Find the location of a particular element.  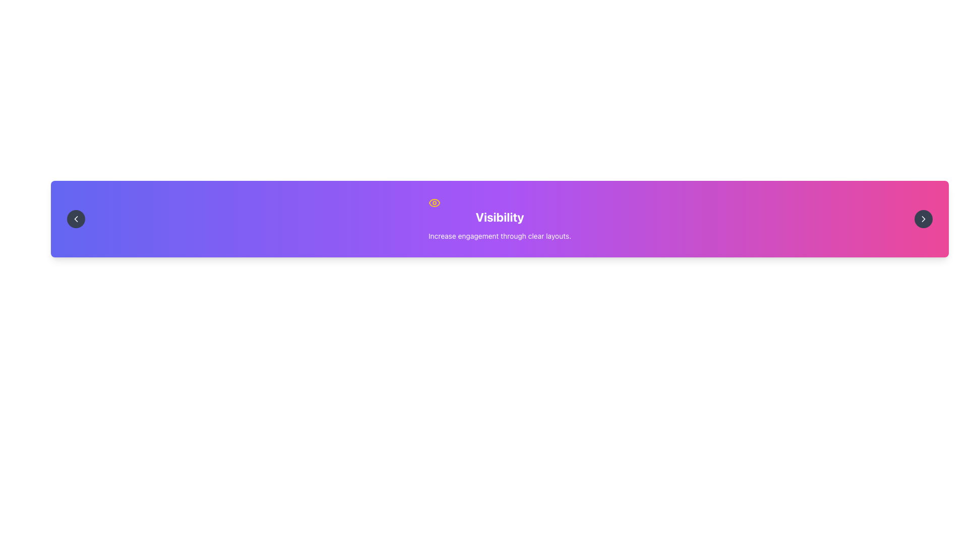

the Text block located at the center of a horizontal gradient background to interact with it, if enabled for interactivity is located at coordinates (500, 219).